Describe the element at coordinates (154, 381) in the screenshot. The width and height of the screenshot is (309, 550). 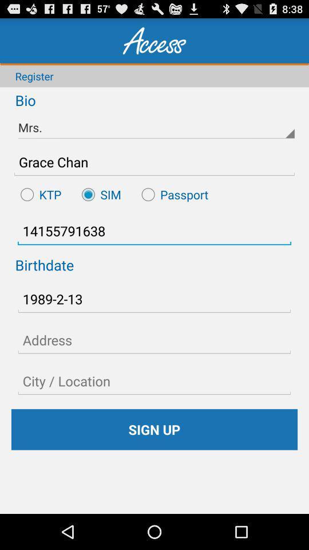
I see `location` at that location.